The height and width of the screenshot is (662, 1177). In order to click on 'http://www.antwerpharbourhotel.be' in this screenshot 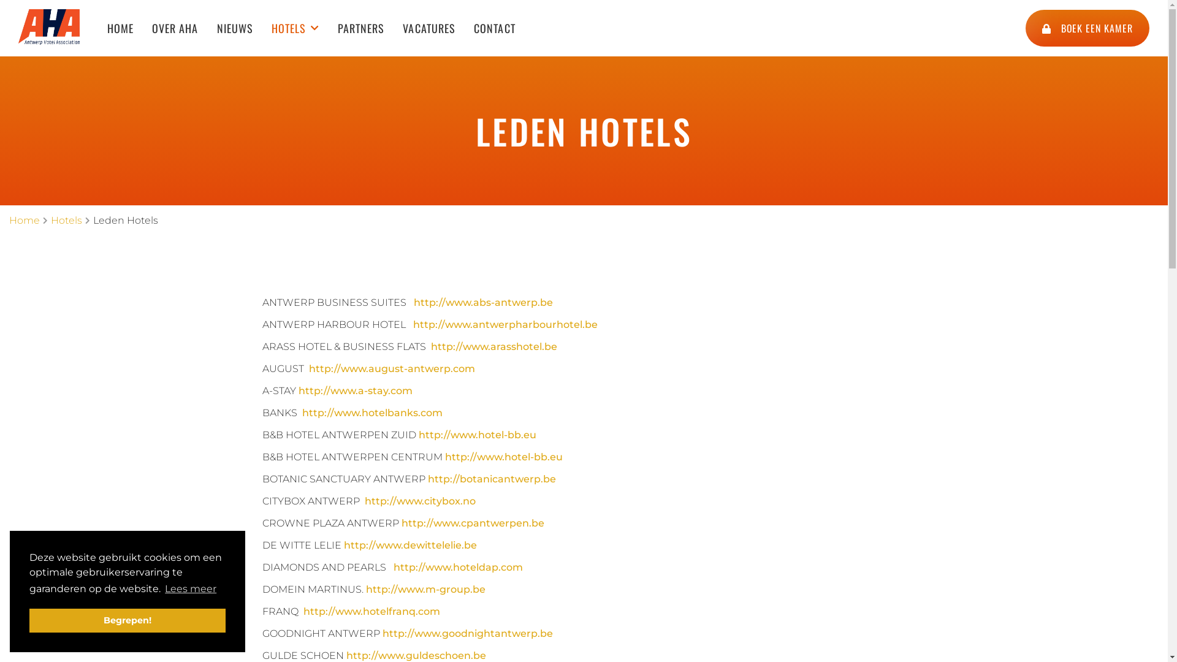, I will do `click(505, 324)`.